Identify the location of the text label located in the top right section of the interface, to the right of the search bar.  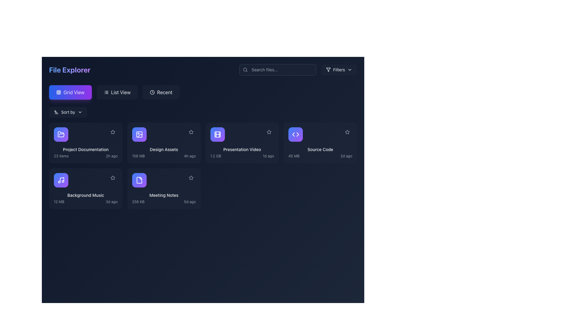
(339, 69).